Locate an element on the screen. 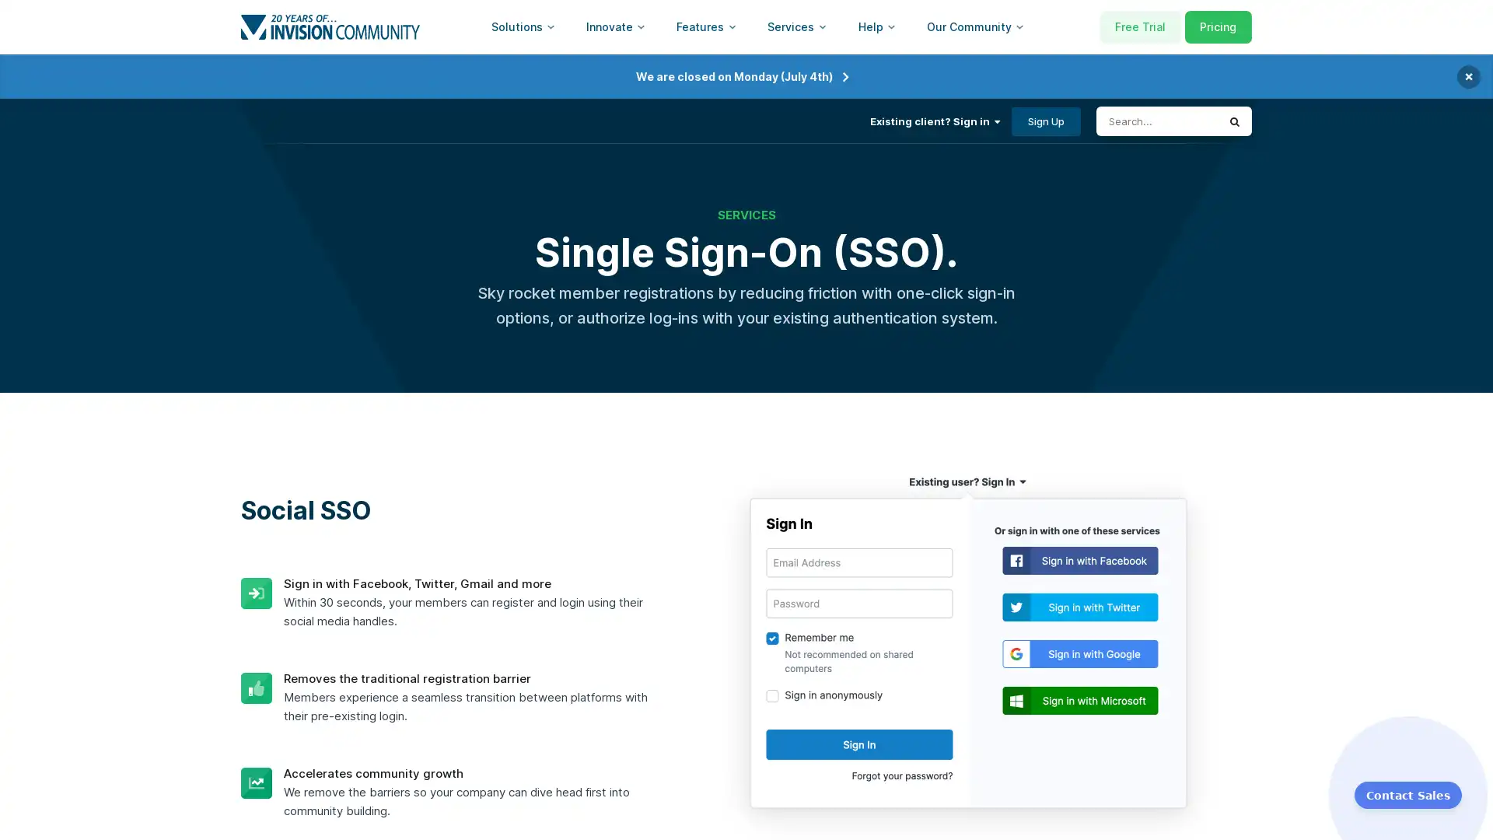 The height and width of the screenshot is (840, 1493). Help is located at coordinates (877, 26).